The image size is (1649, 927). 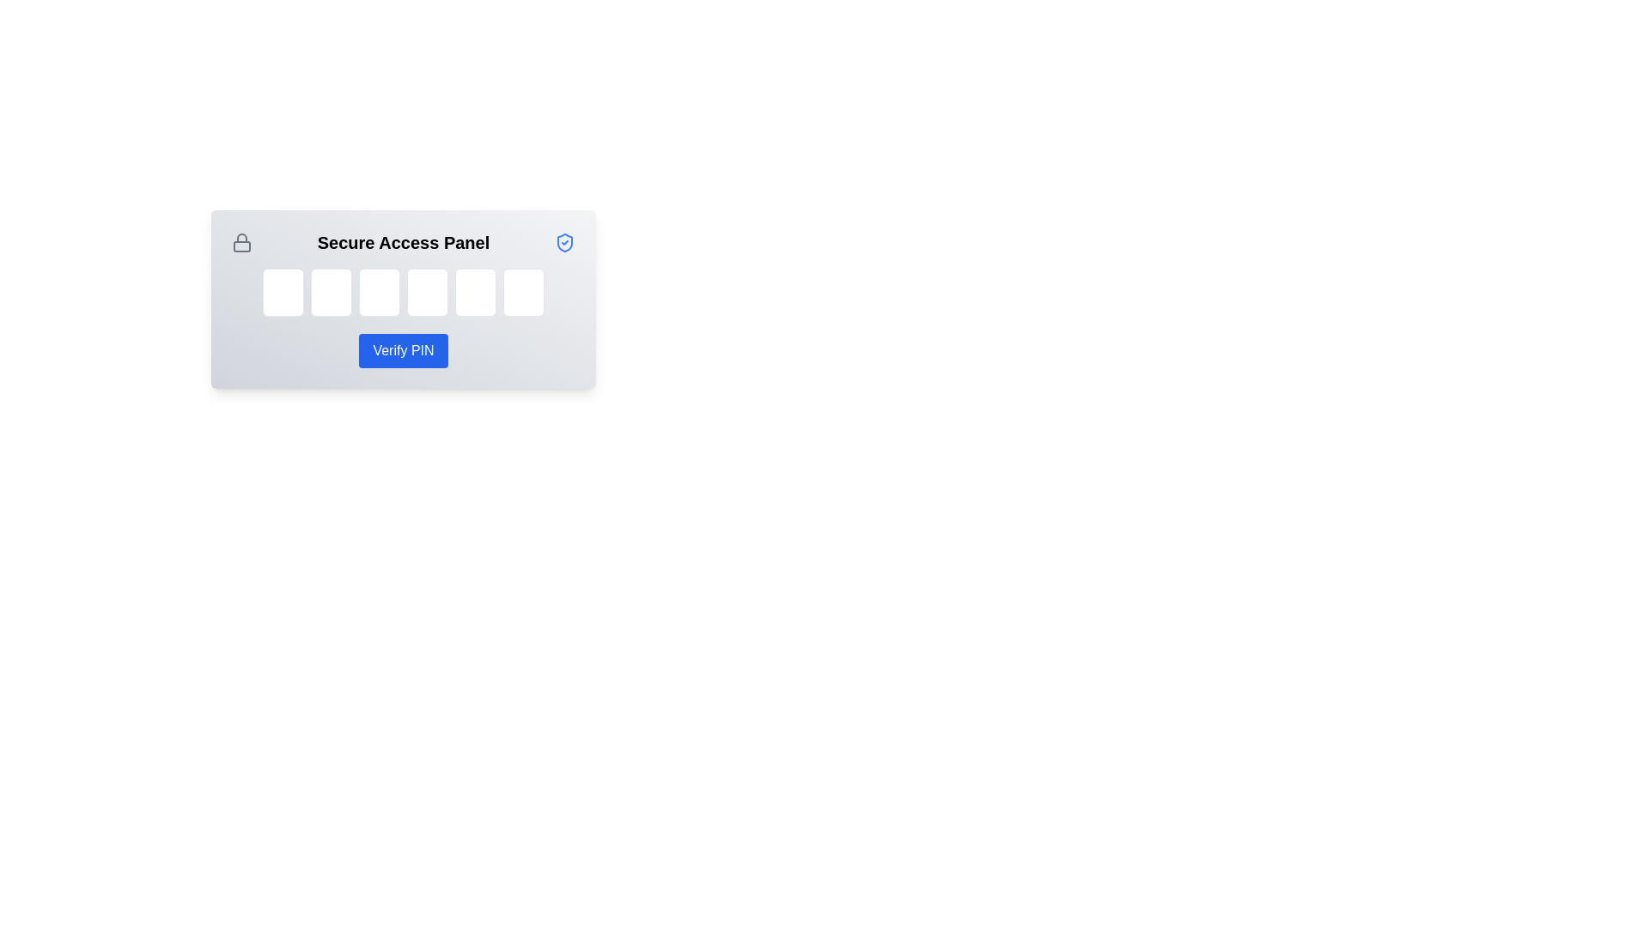 I want to click on the rectangular component with rounded corners, displayed in red color, which is part of the lock icon located at the top left corner of the light gray panel, so click(x=241, y=246).